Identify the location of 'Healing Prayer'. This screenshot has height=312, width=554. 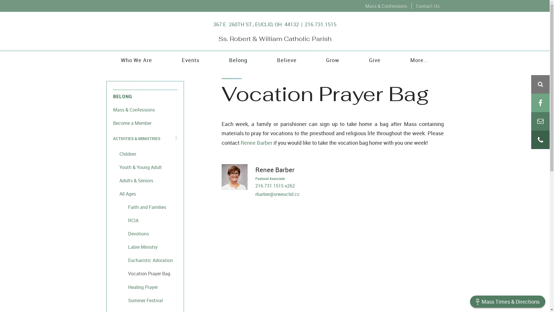
(145, 287).